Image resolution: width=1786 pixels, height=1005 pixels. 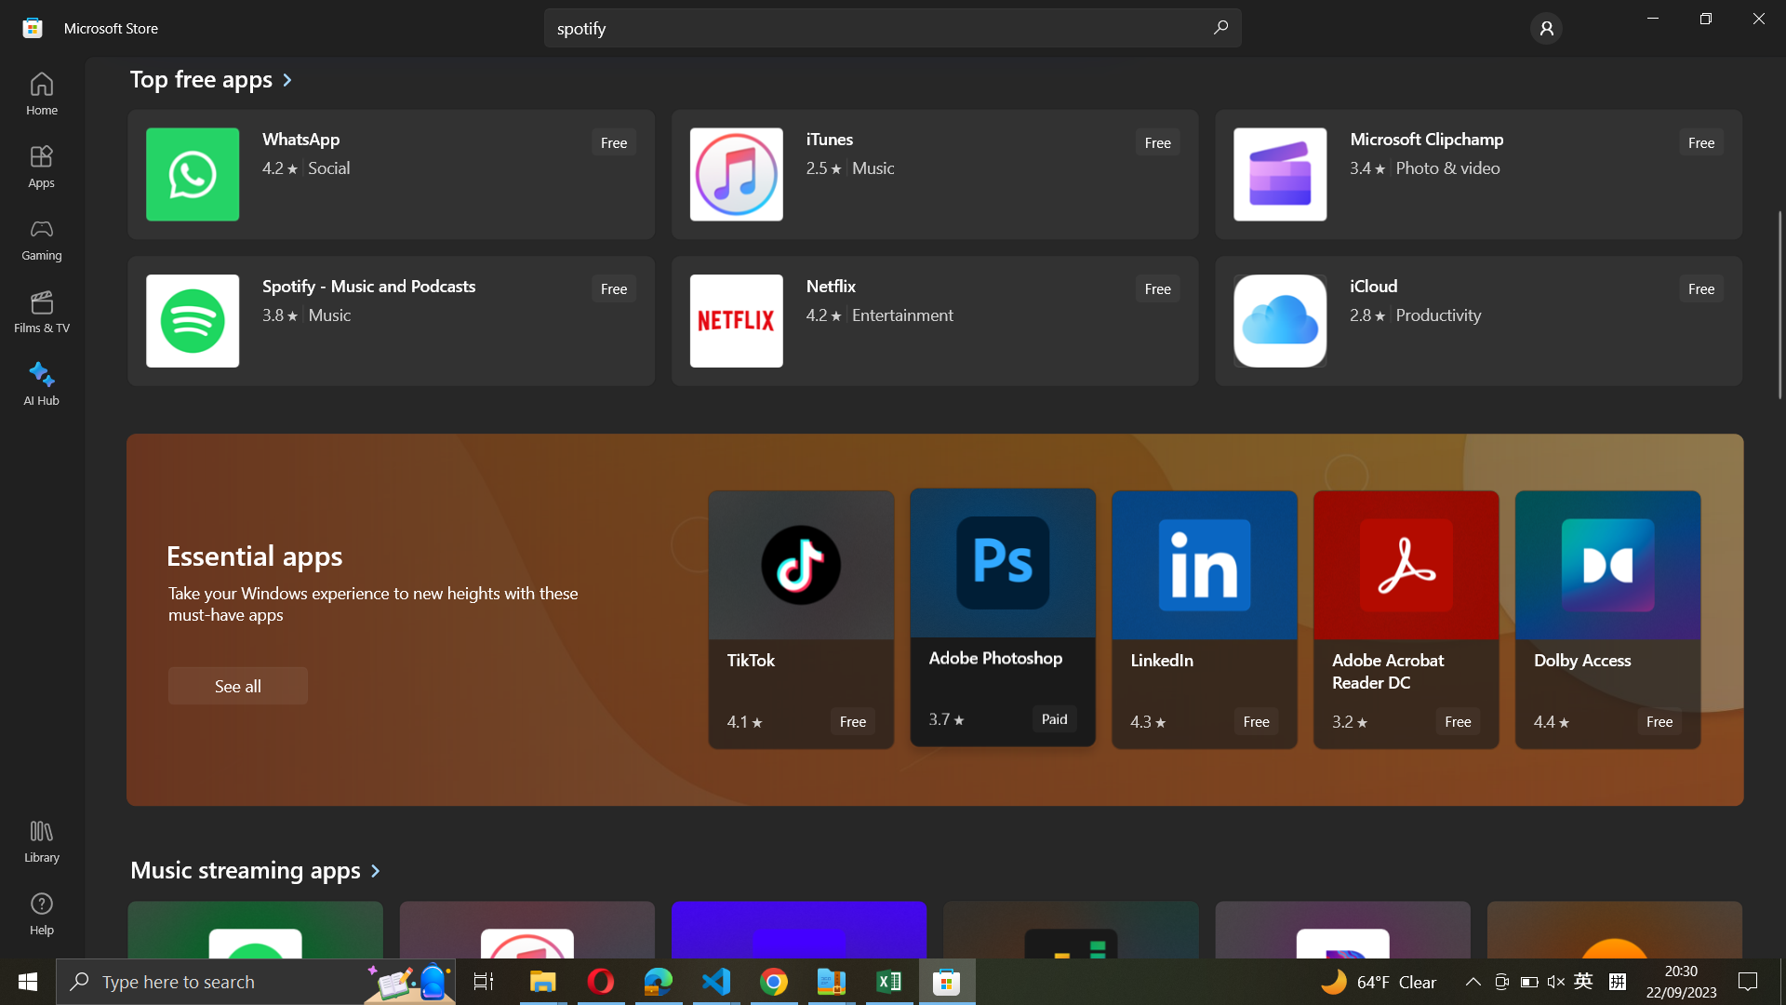 What do you see at coordinates (1606, 620) in the screenshot?
I see `Dolby Access application` at bounding box center [1606, 620].